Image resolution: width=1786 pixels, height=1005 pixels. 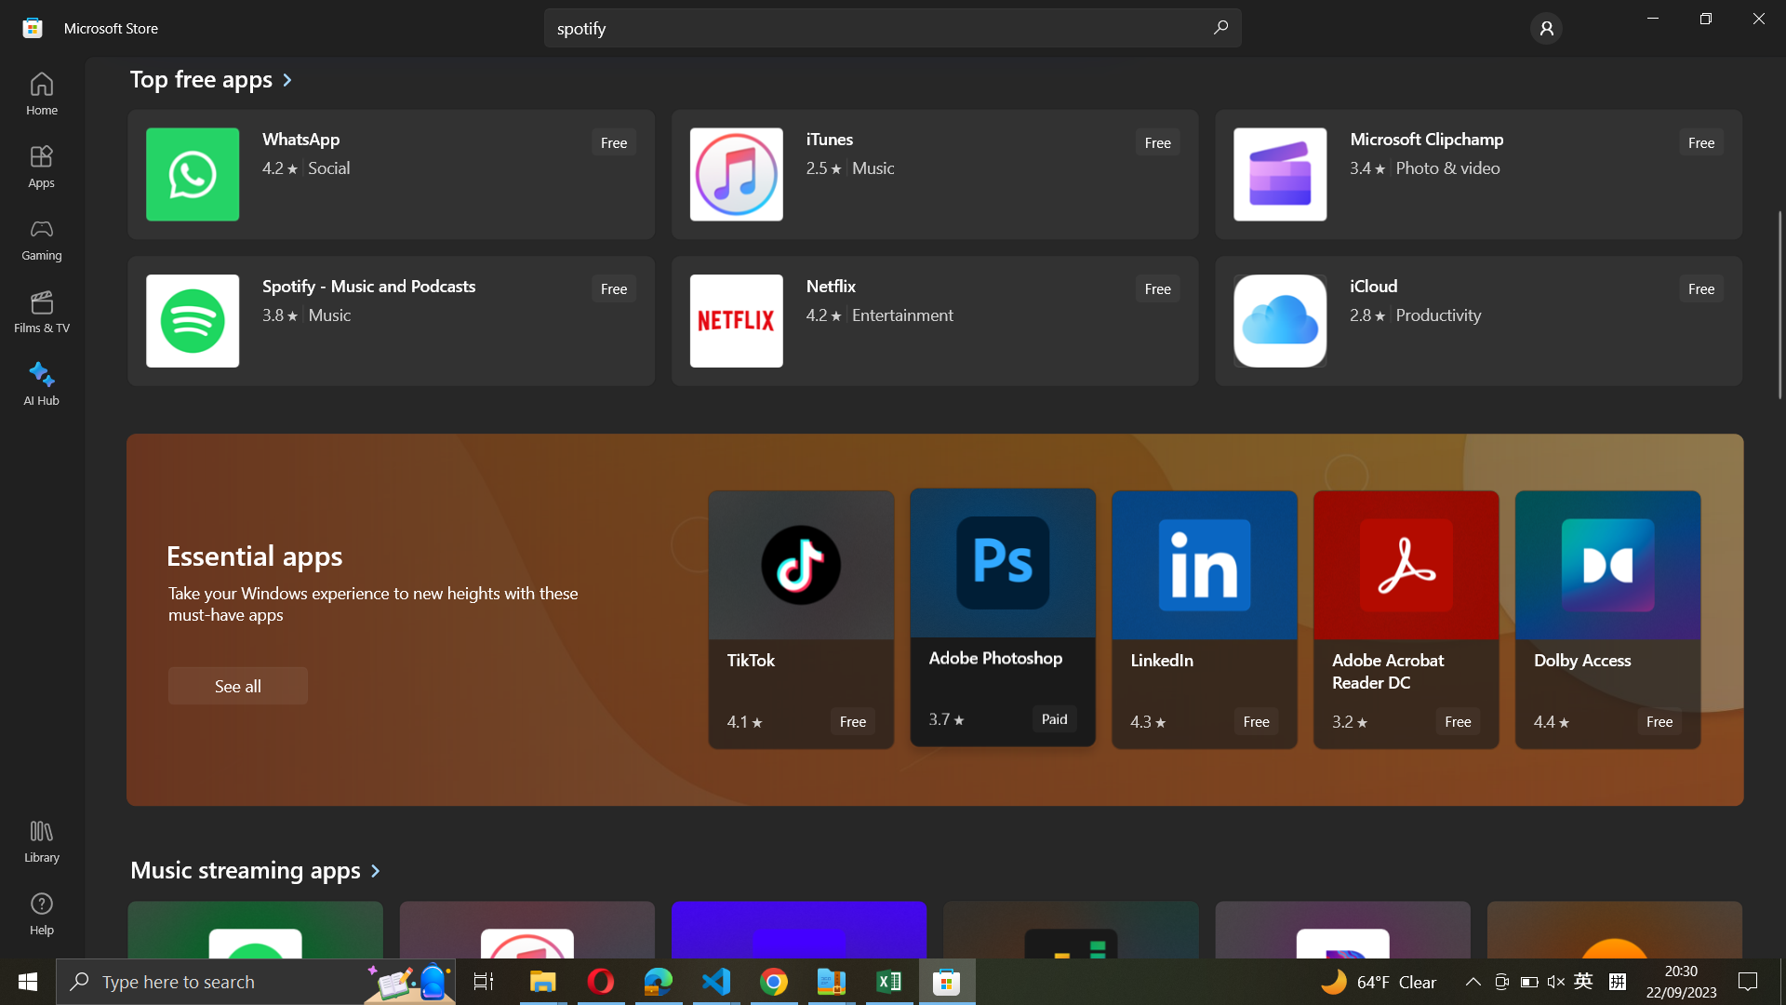 What do you see at coordinates (1606, 620) in the screenshot?
I see `Dolby Access application` at bounding box center [1606, 620].